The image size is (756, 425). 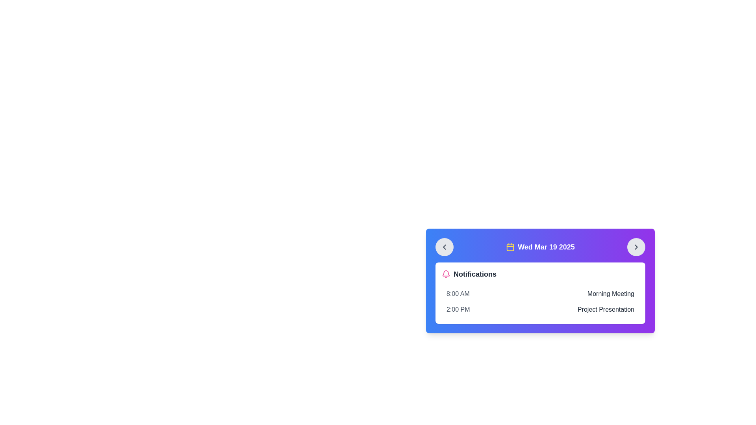 I want to click on the calendar icon that represents date functionality, which is positioned at the top center of the component's card layout, next to the text 'Wed Mar 19 2025', so click(x=510, y=247).